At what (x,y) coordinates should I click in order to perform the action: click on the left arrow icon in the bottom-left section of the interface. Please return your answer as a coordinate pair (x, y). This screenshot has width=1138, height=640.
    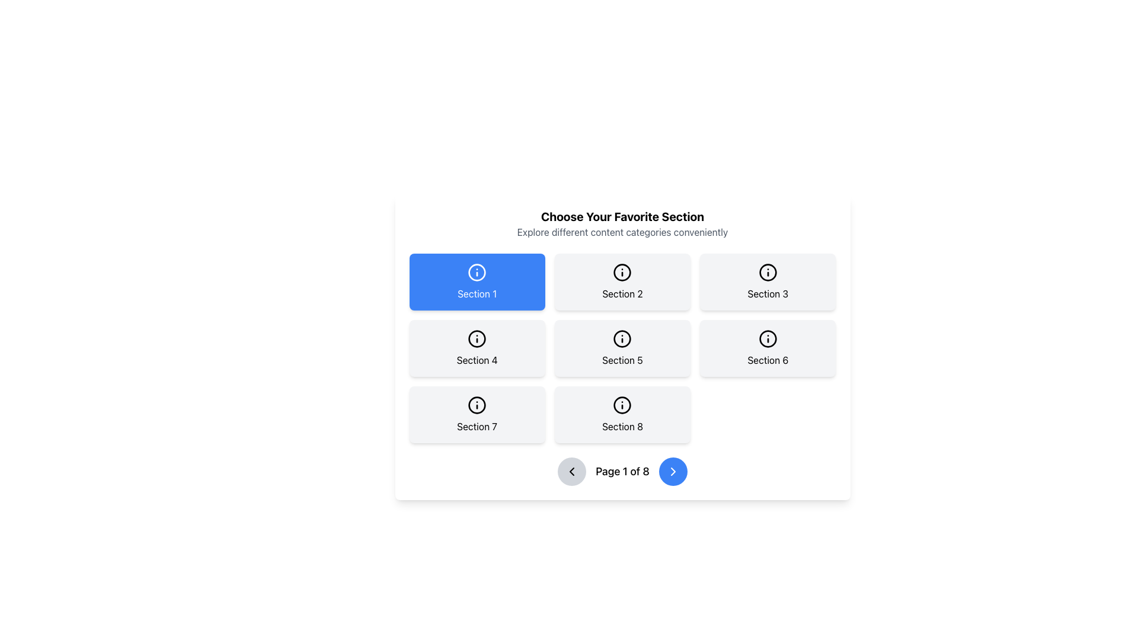
    Looking at the image, I should click on (572, 471).